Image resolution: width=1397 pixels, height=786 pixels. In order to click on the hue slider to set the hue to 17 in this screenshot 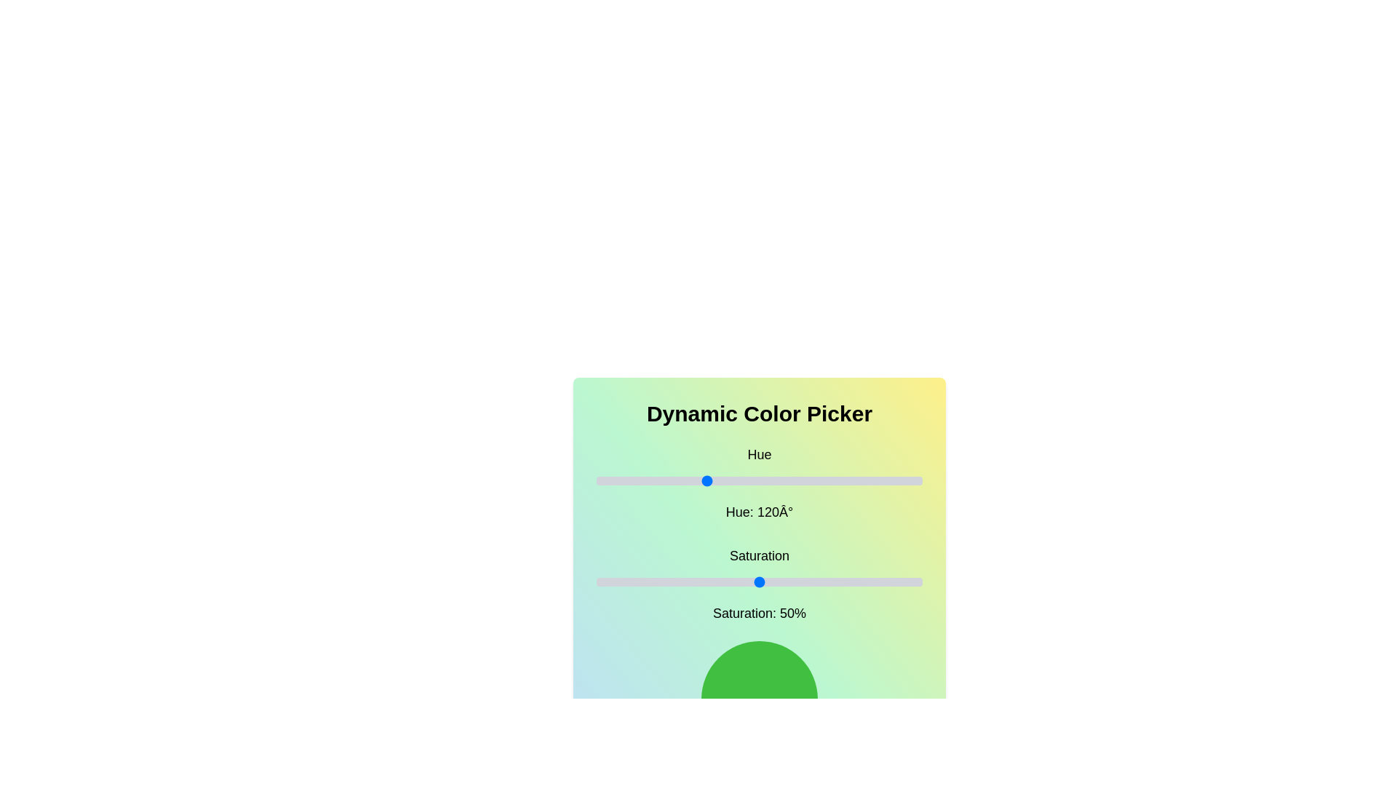, I will do `click(612, 480)`.